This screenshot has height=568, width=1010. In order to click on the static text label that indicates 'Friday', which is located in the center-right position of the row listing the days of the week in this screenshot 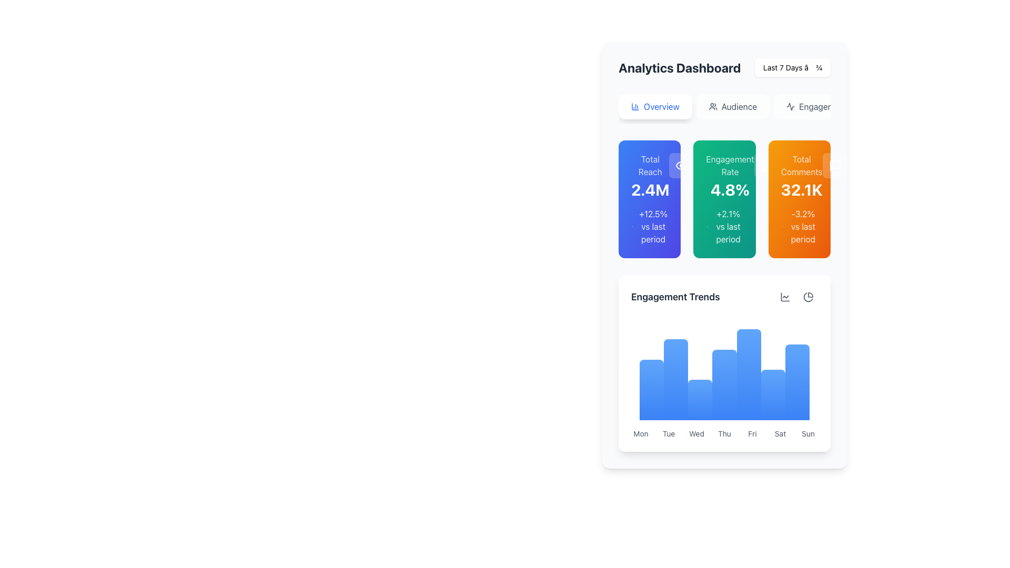, I will do `click(752, 434)`.